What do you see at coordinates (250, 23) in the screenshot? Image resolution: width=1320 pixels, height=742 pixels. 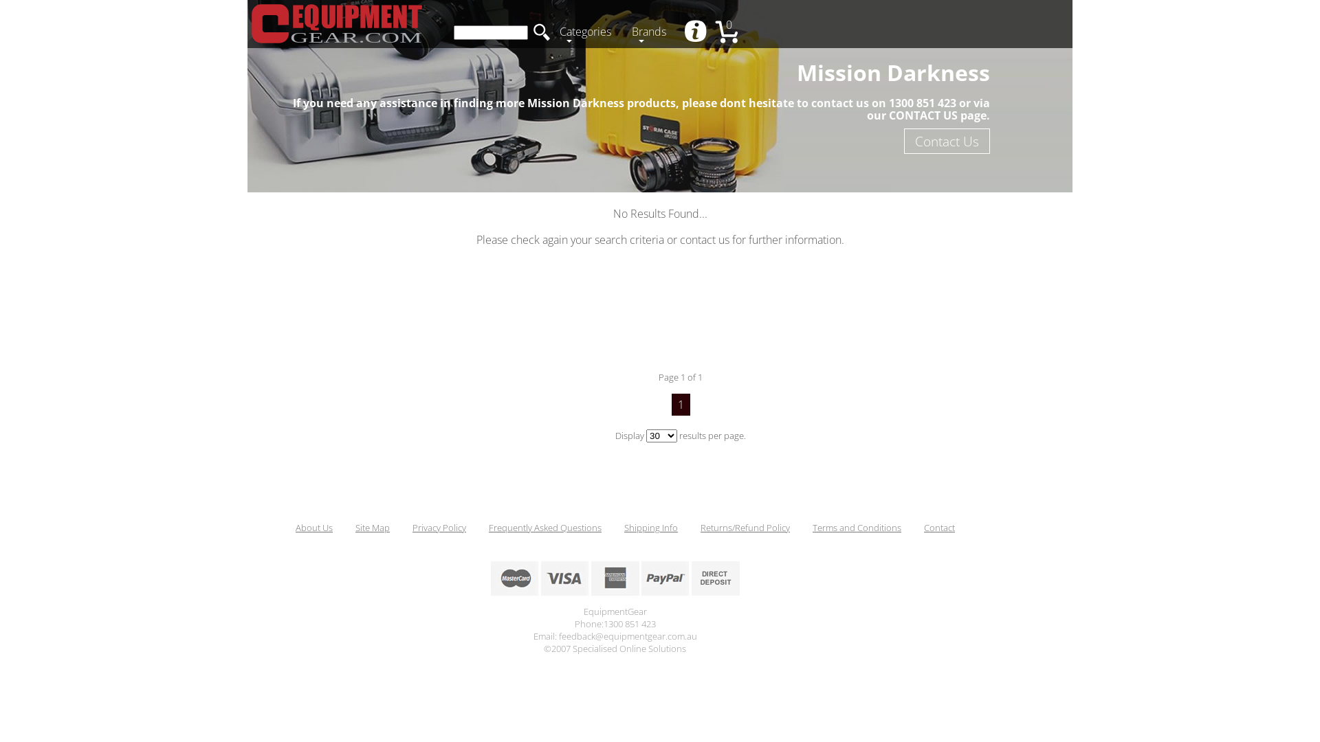 I see `'EquipmentGear'` at bounding box center [250, 23].